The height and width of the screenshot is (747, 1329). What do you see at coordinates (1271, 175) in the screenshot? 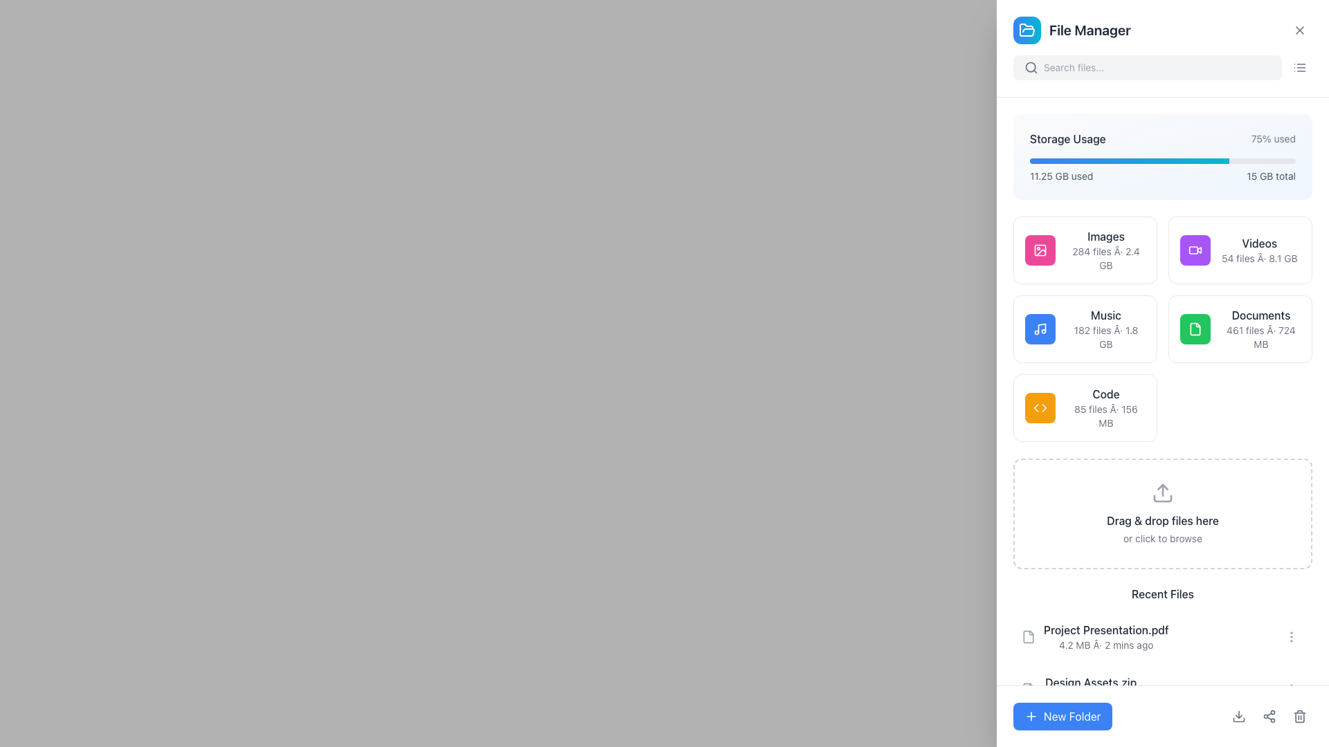
I see `the non-interactive text label displaying total storage available, located to the right of the '11.25 GB used' text in the 'Storage Usage' section` at bounding box center [1271, 175].